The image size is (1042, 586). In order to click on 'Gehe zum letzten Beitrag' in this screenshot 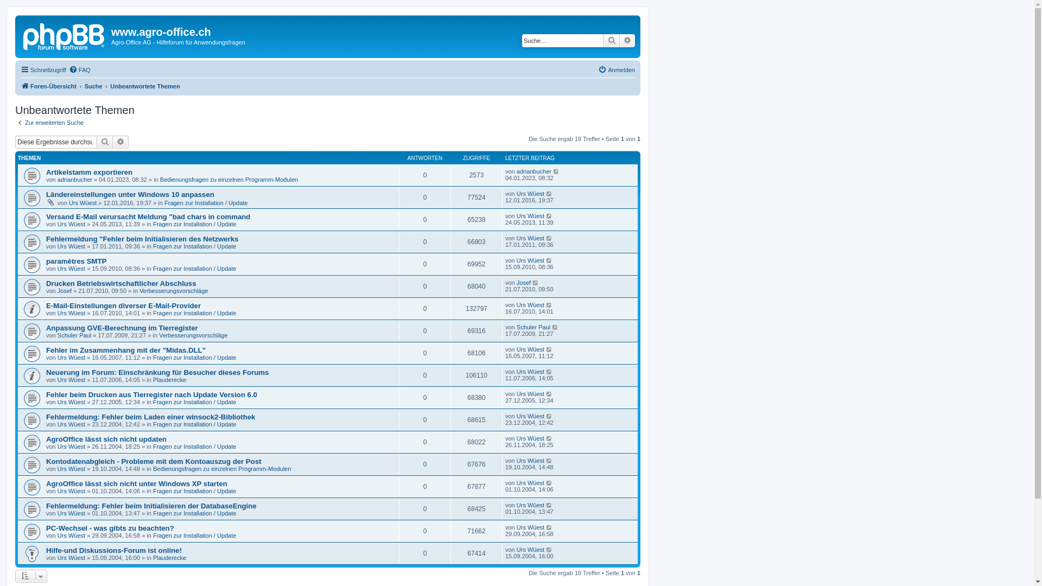, I will do `click(549, 482)`.